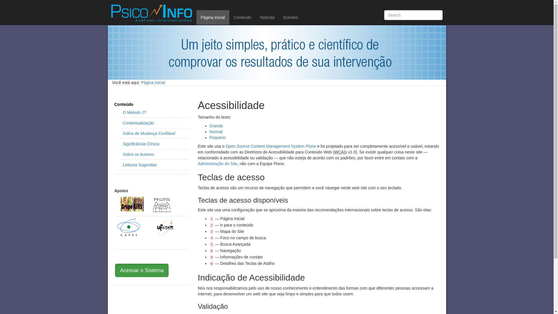  What do you see at coordinates (117, 227) in the screenshot?
I see `'Logo_Capes'` at bounding box center [117, 227].